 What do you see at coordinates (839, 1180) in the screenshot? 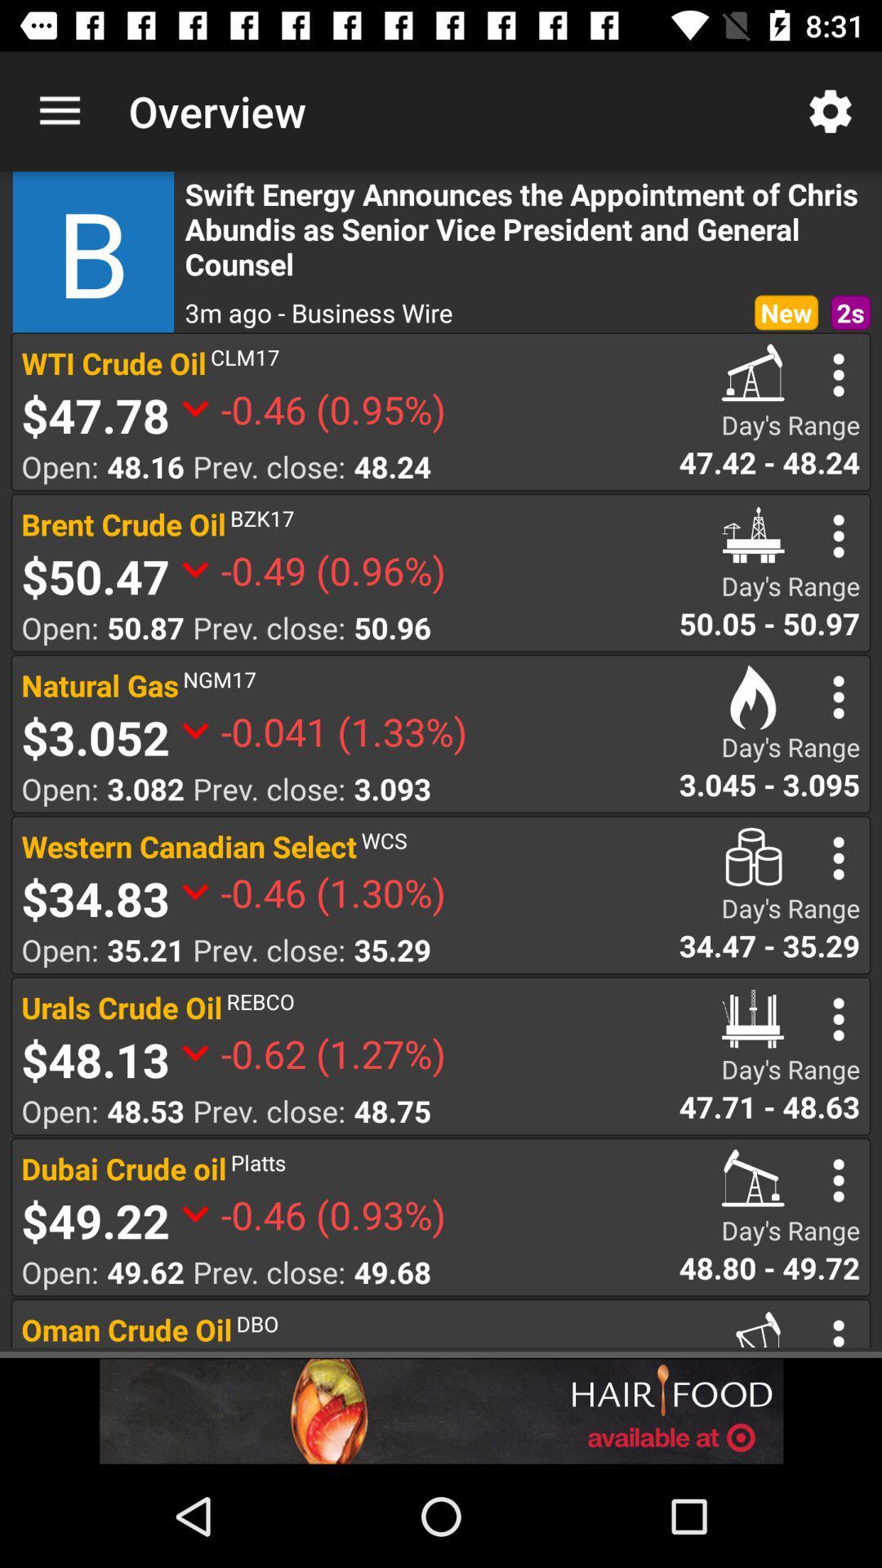
I see `open more settings` at bounding box center [839, 1180].